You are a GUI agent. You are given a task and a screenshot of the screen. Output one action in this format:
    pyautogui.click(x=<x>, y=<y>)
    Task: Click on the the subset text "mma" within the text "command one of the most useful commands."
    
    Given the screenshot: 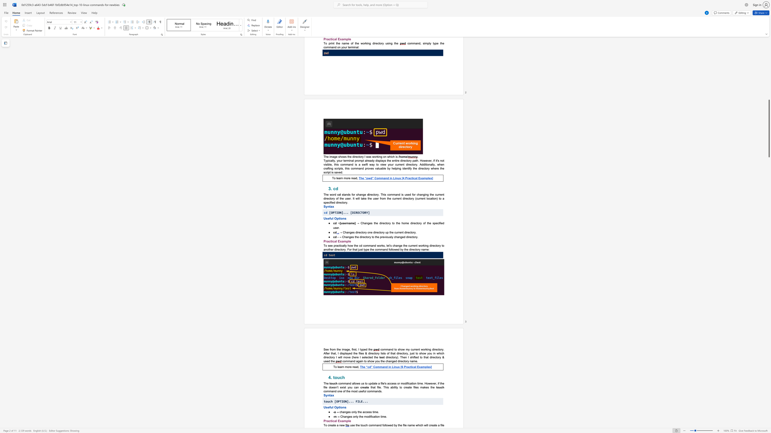 What is the action you would take?
    pyautogui.click(x=370, y=391)
    